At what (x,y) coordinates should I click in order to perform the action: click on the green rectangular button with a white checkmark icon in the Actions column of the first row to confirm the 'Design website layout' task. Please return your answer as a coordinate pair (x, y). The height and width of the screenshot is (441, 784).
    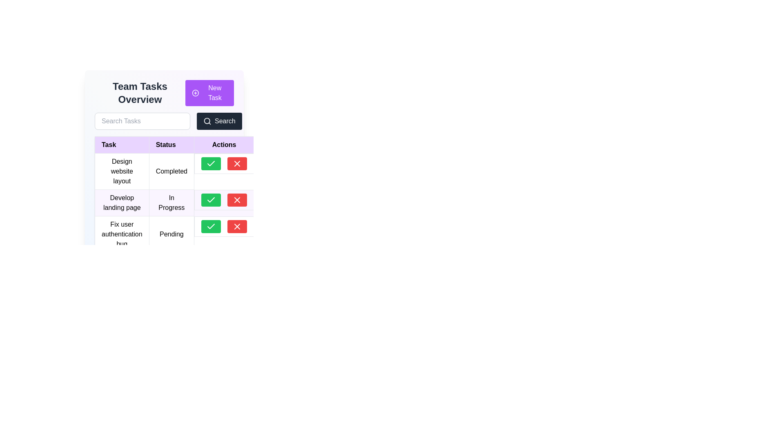
    Looking at the image, I should click on (211, 164).